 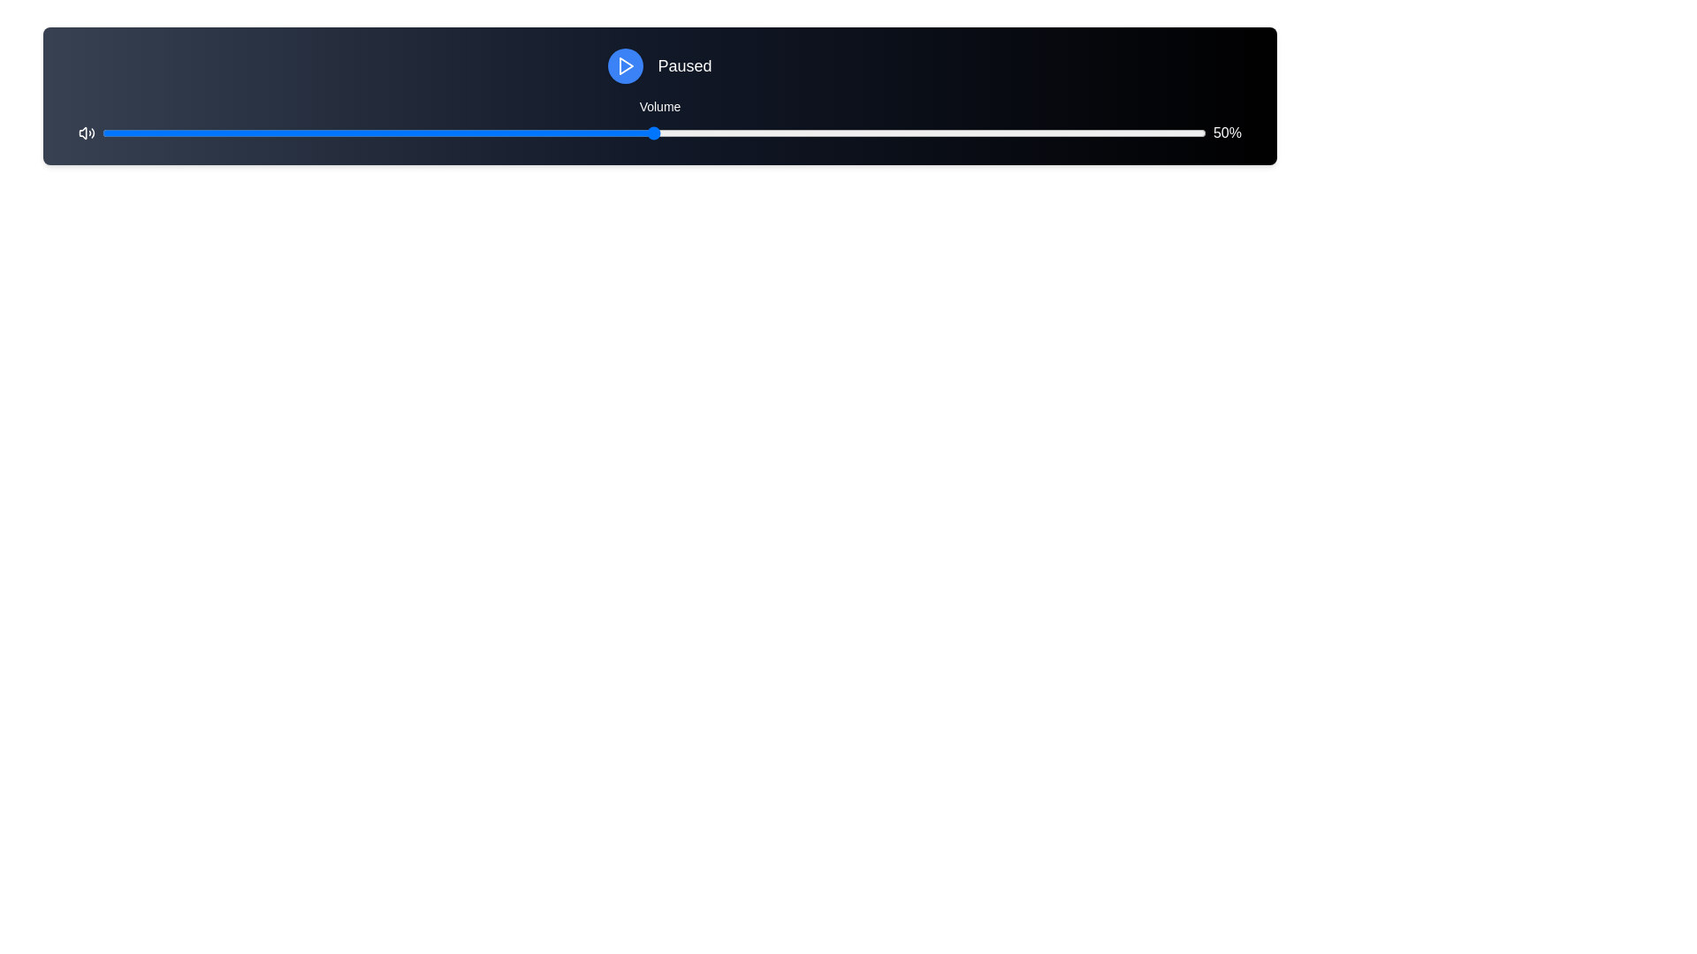 What do you see at coordinates (255, 132) in the screenshot?
I see `the volume` at bounding box center [255, 132].